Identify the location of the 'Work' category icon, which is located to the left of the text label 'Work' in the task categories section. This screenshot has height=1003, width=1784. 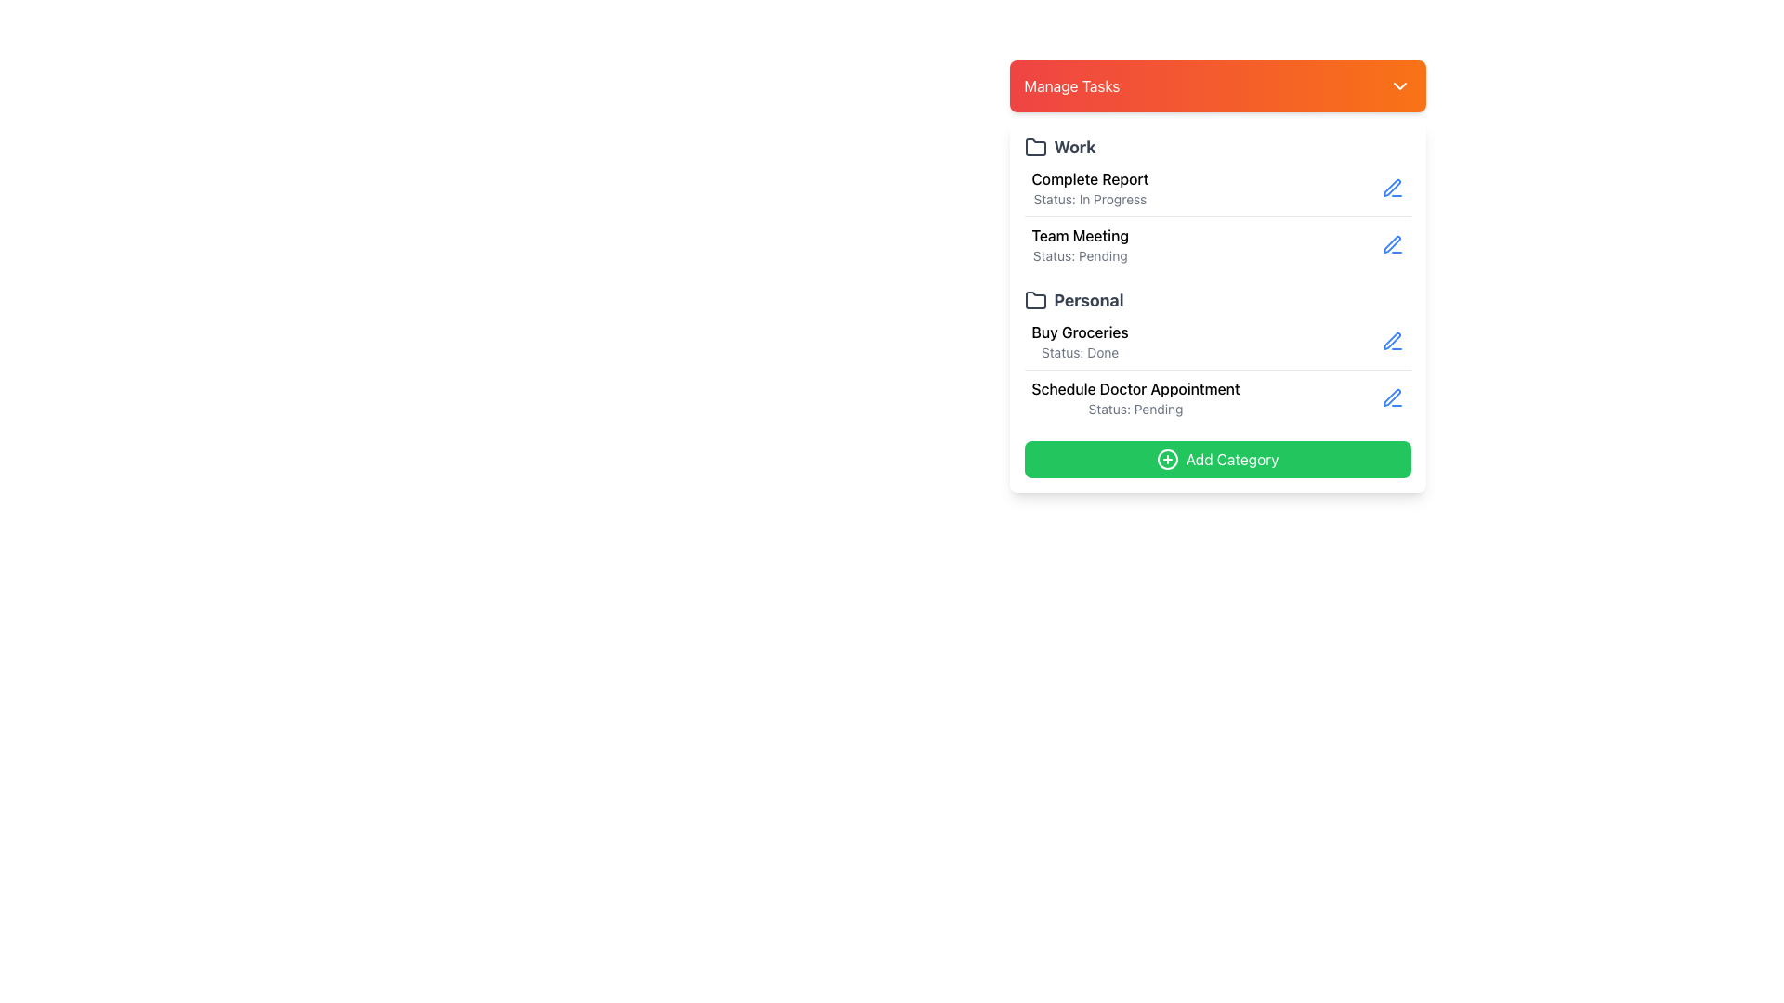
(1034, 146).